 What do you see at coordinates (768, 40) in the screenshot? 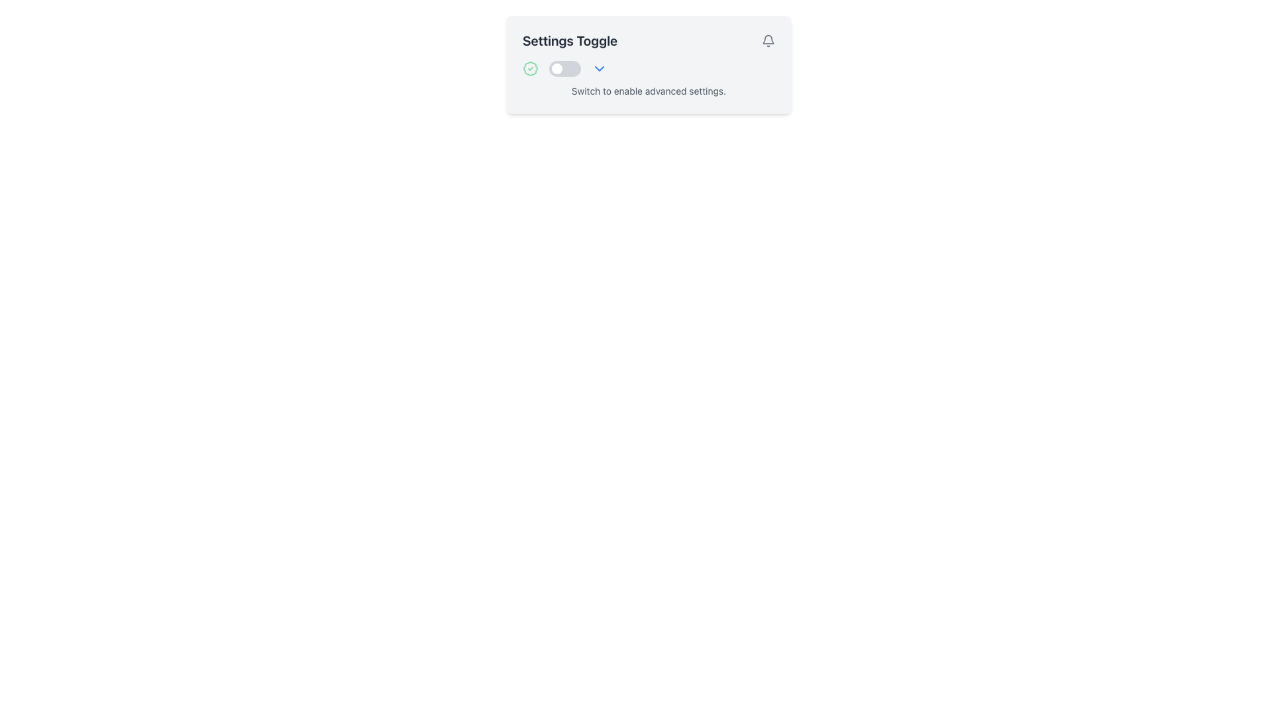
I see `the bell icon located at the top-right of the 'Settings Toggle' section` at bounding box center [768, 40].